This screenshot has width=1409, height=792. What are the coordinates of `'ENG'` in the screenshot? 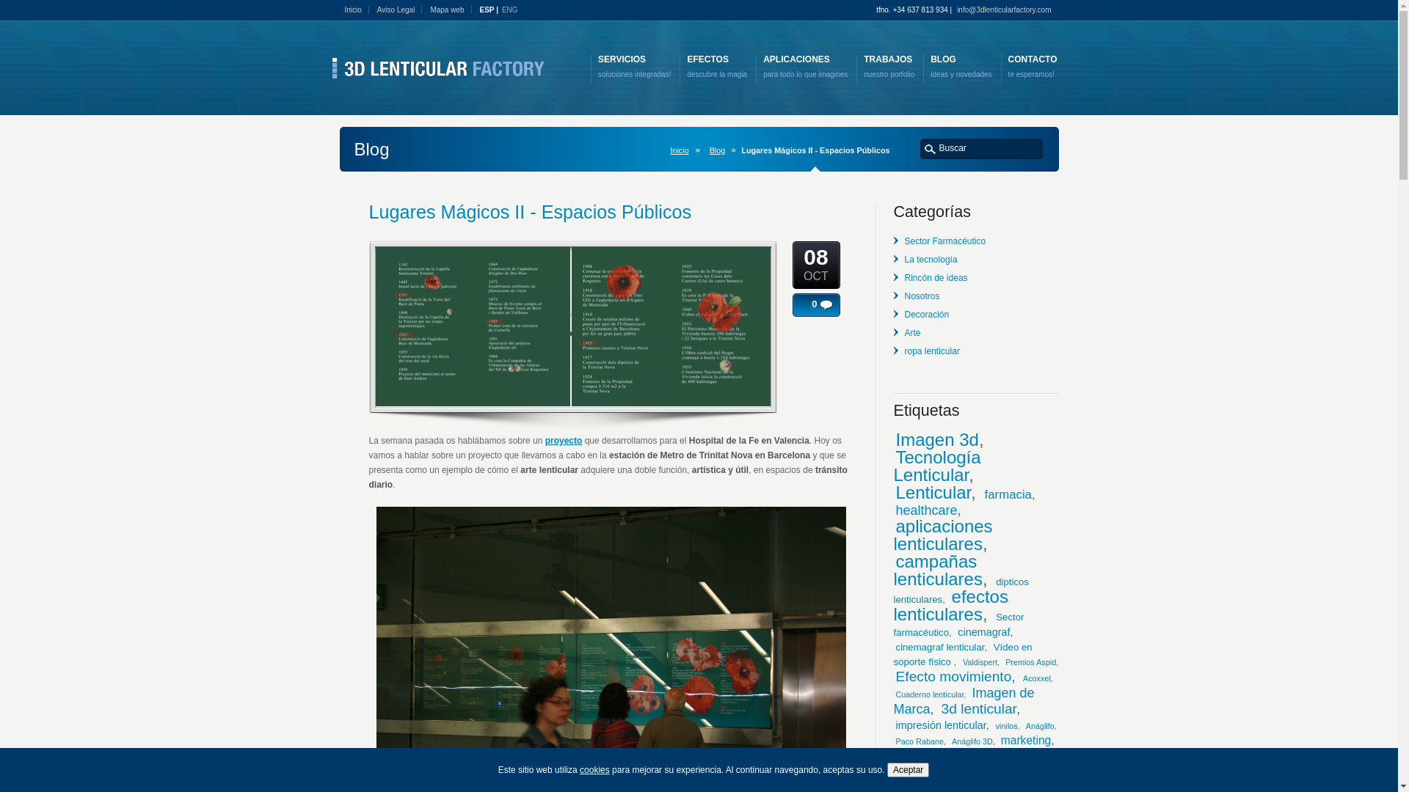 It's located at (502, 10).